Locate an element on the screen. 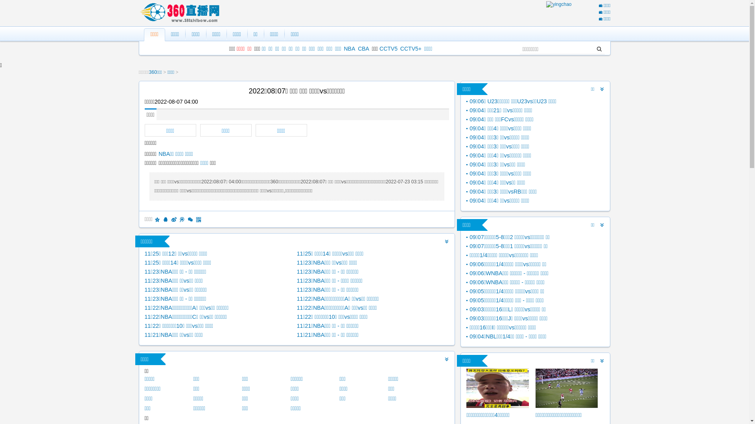  'CBA' is located at coordinates (357, 48).